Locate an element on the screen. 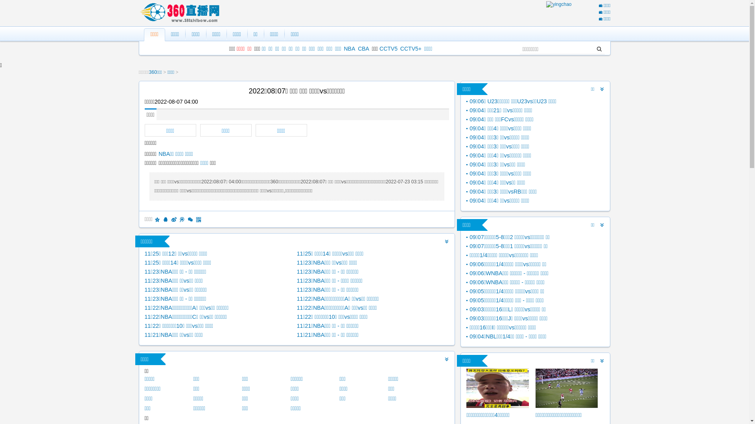  'CBA' is located at coordinates (357, 48).